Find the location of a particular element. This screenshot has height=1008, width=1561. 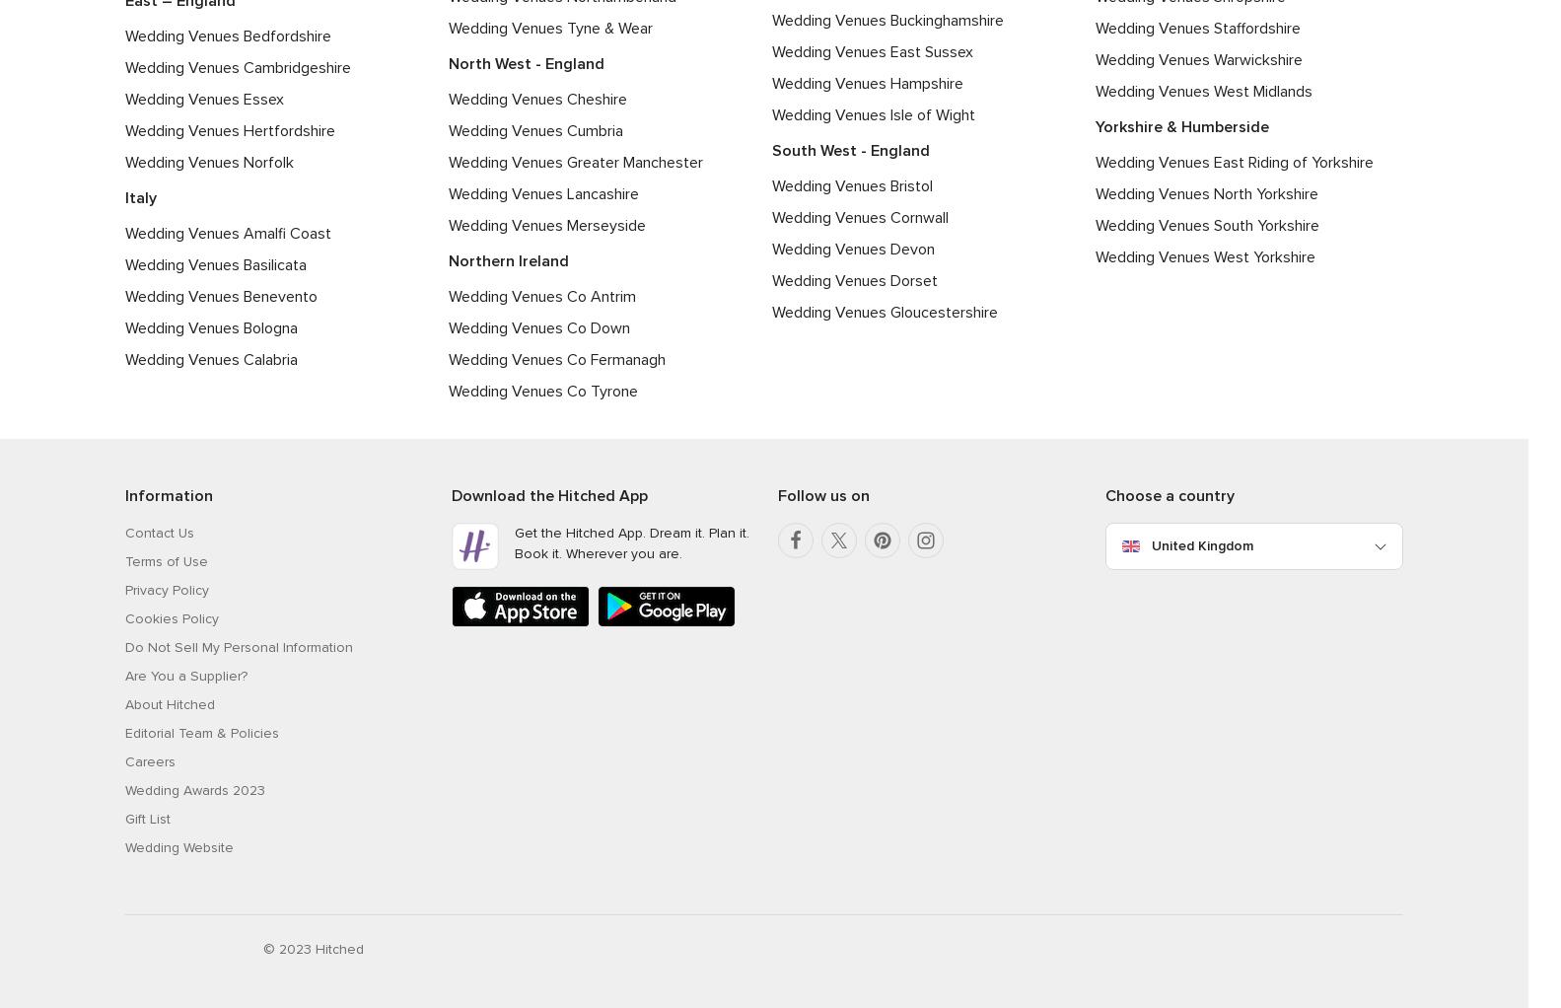

'Wedding Venues Dorset' is located at coordinates (855, 280).